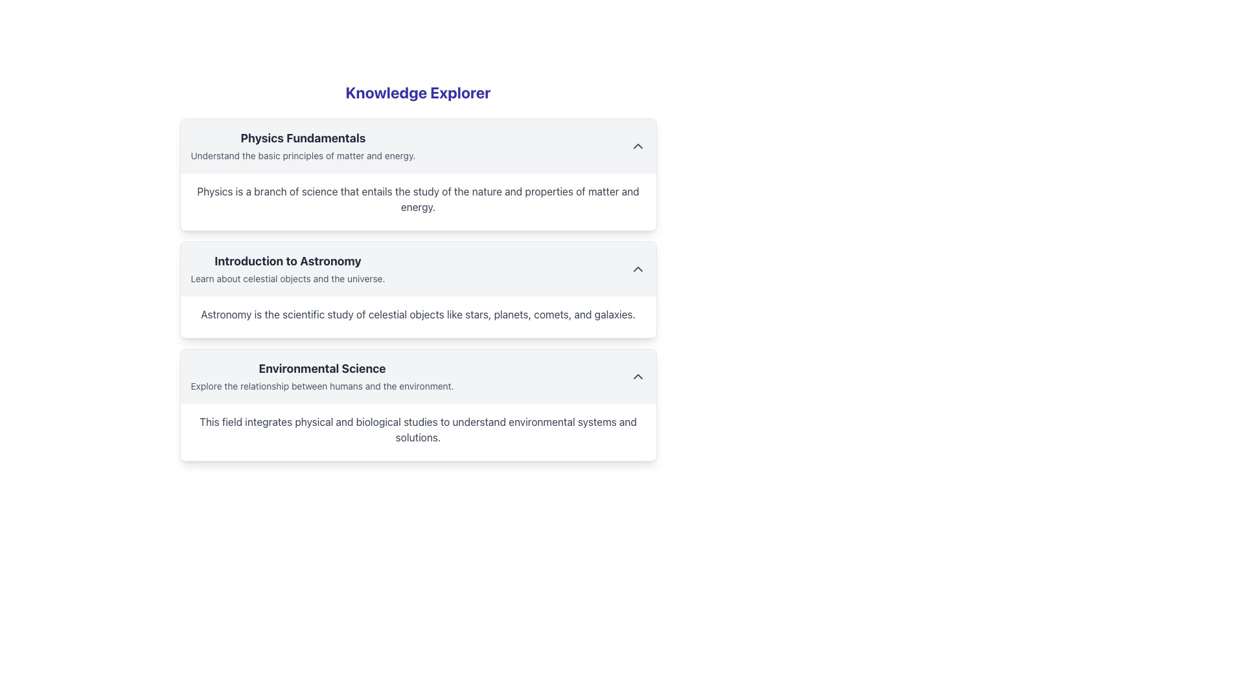 The image size is (1244, 699). I want to click on supplementary text label located beneath the header 'Physics Fundamentals' in the first item of the list, so click(302, 155).